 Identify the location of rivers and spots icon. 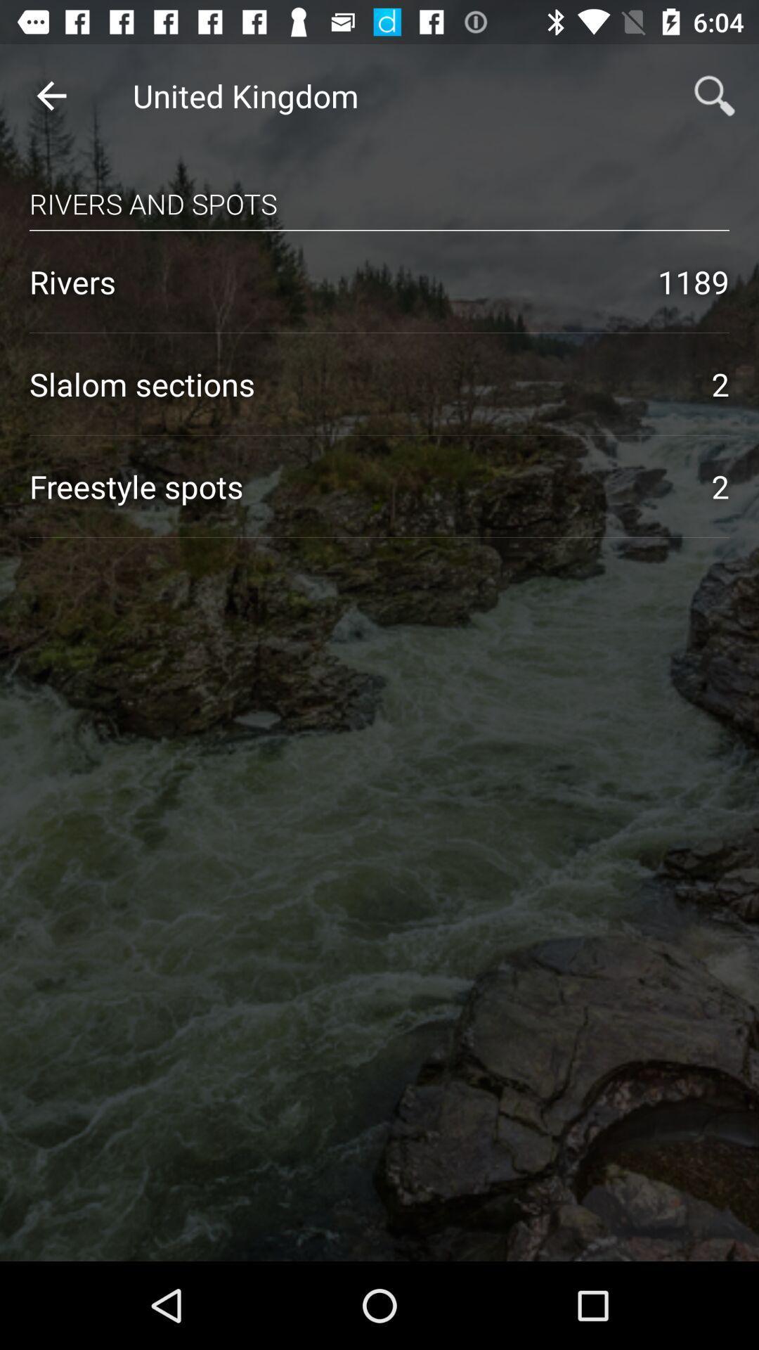
(379, 190).